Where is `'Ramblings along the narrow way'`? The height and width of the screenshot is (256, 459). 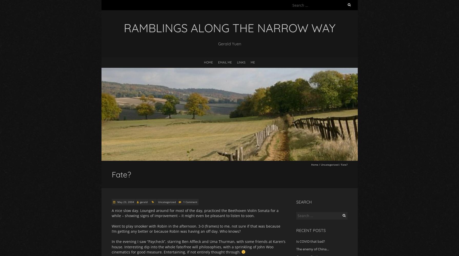 'Ramblings along the narrow way' is located at coordinates (123, 28).